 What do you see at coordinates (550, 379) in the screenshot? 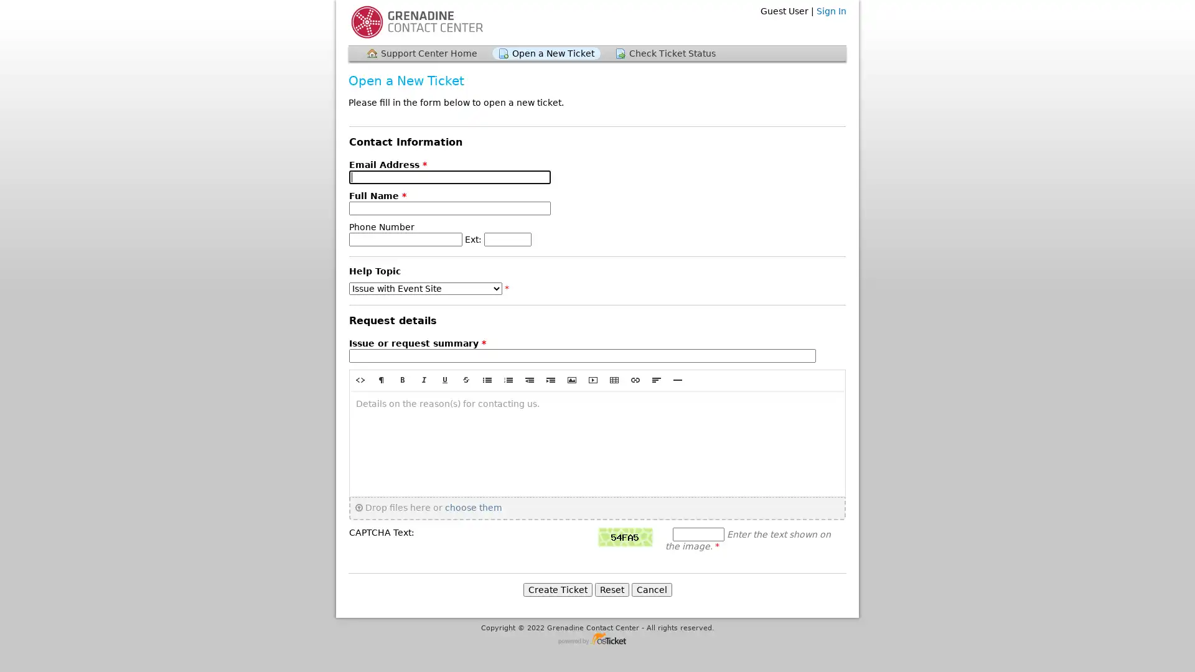
I see `> Indent` at bounding box center [550, 379].